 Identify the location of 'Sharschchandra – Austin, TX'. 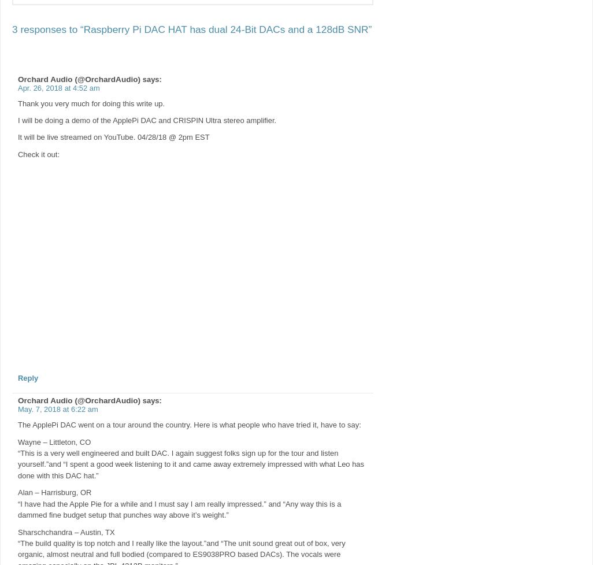
(66, 531).